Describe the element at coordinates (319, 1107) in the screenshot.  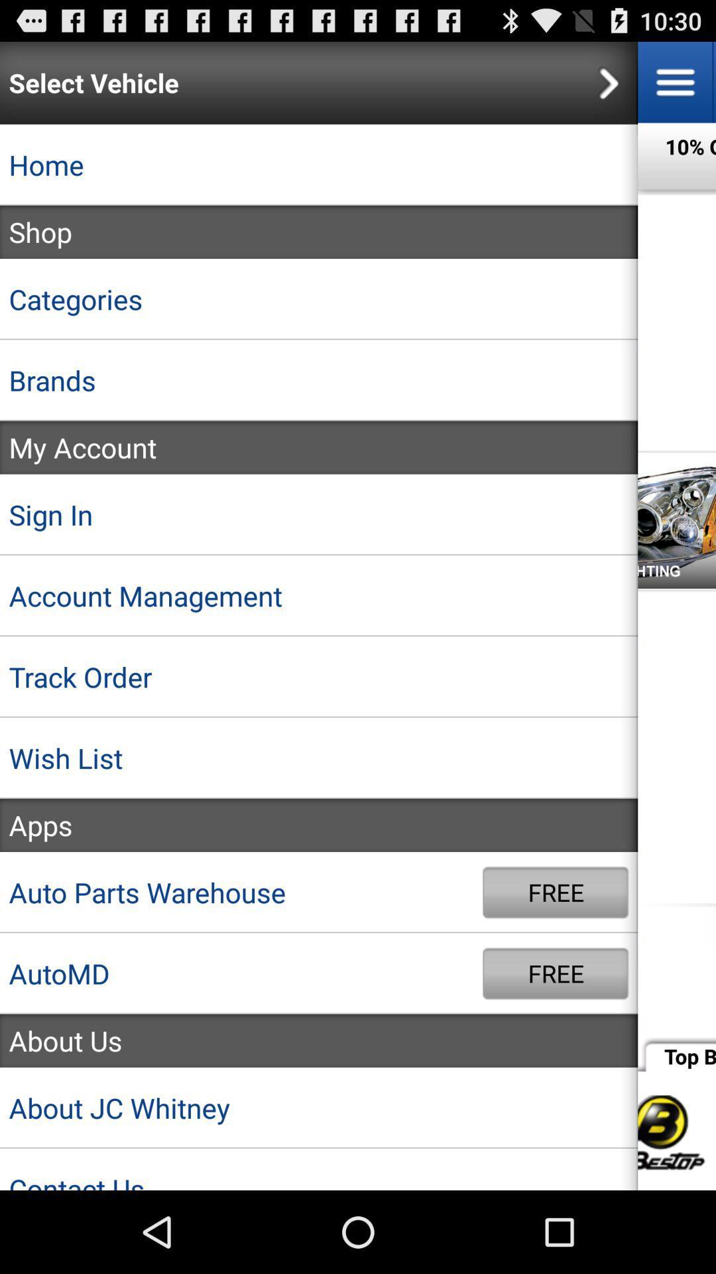
I see `about jc whitney` at that location.